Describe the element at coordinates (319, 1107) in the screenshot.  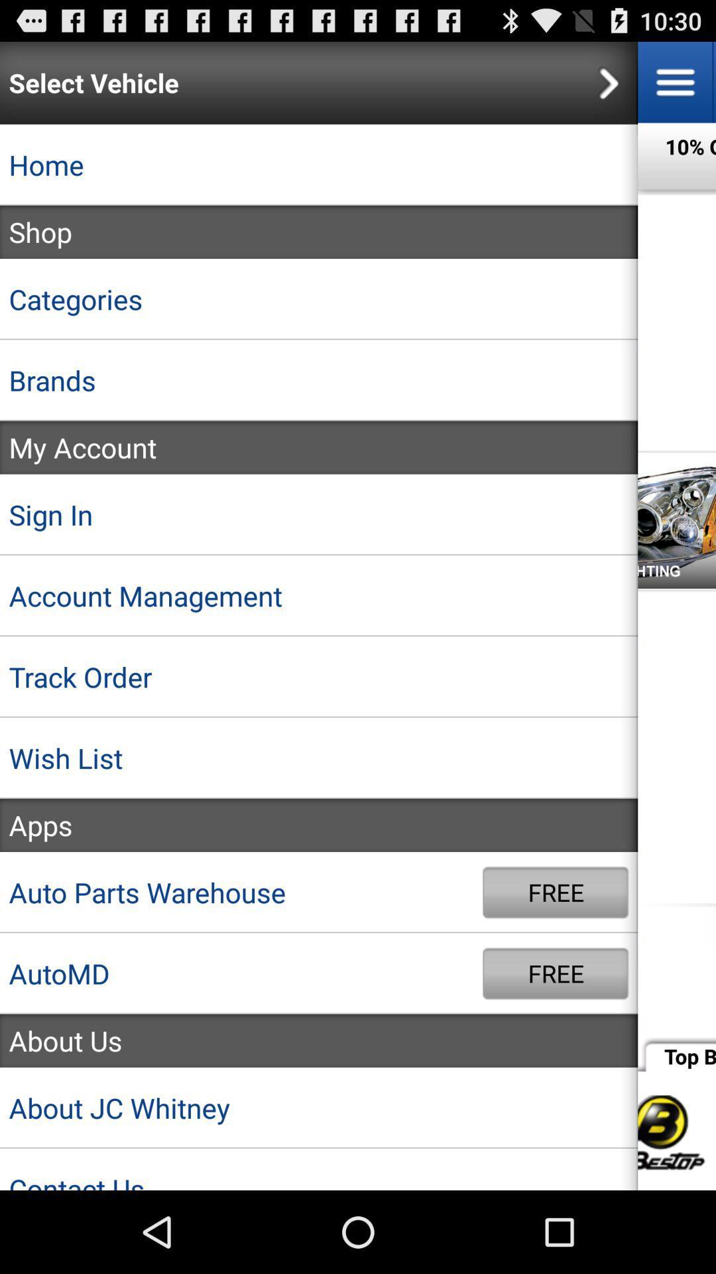
I see `about jc whitney` at that location.